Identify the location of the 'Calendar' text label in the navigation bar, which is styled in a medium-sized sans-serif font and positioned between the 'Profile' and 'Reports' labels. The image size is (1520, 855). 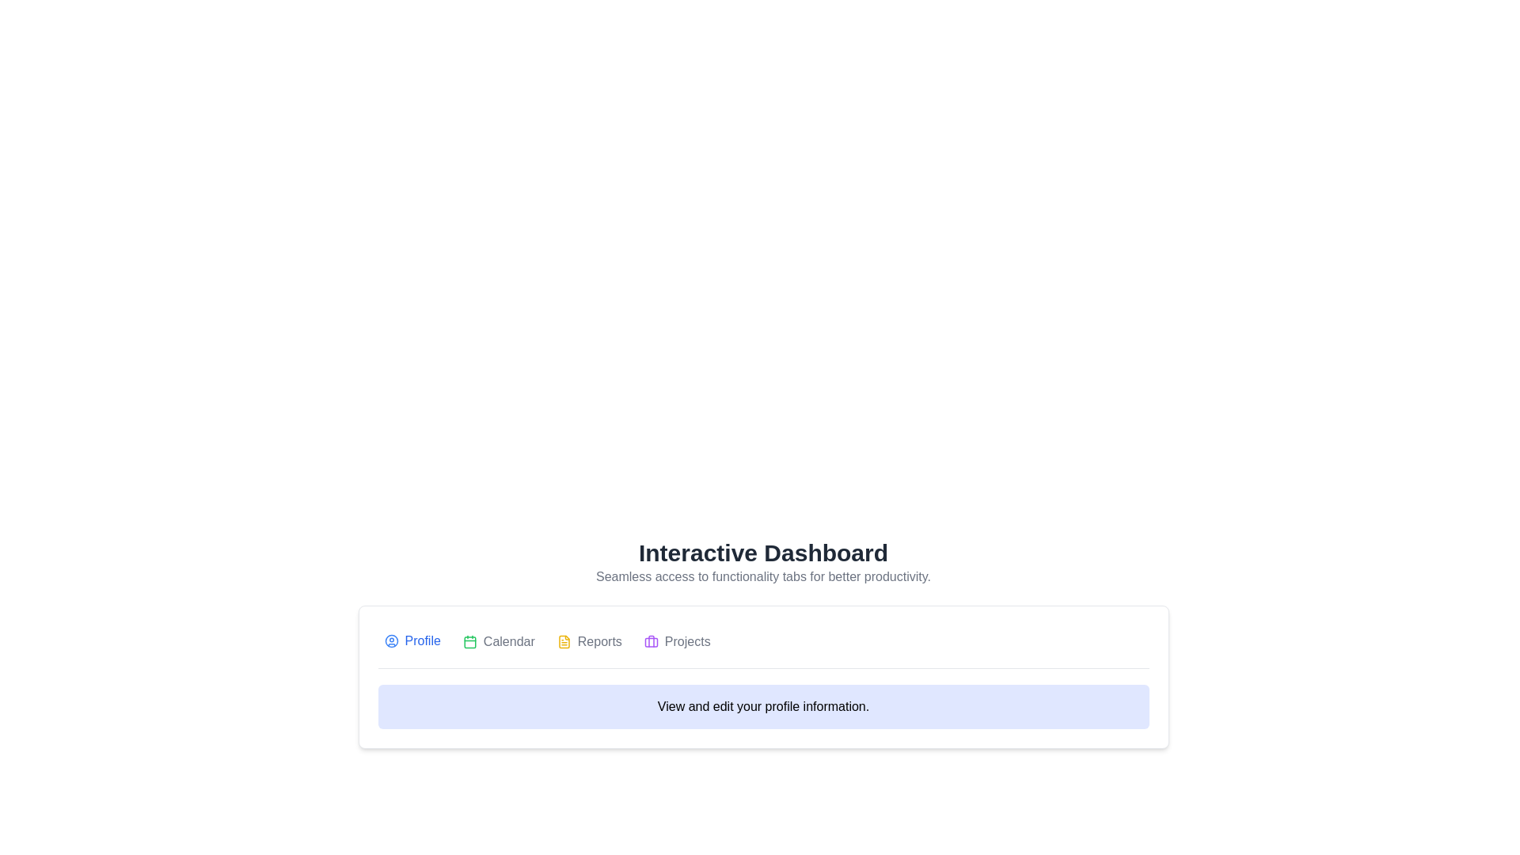
(509, 641).